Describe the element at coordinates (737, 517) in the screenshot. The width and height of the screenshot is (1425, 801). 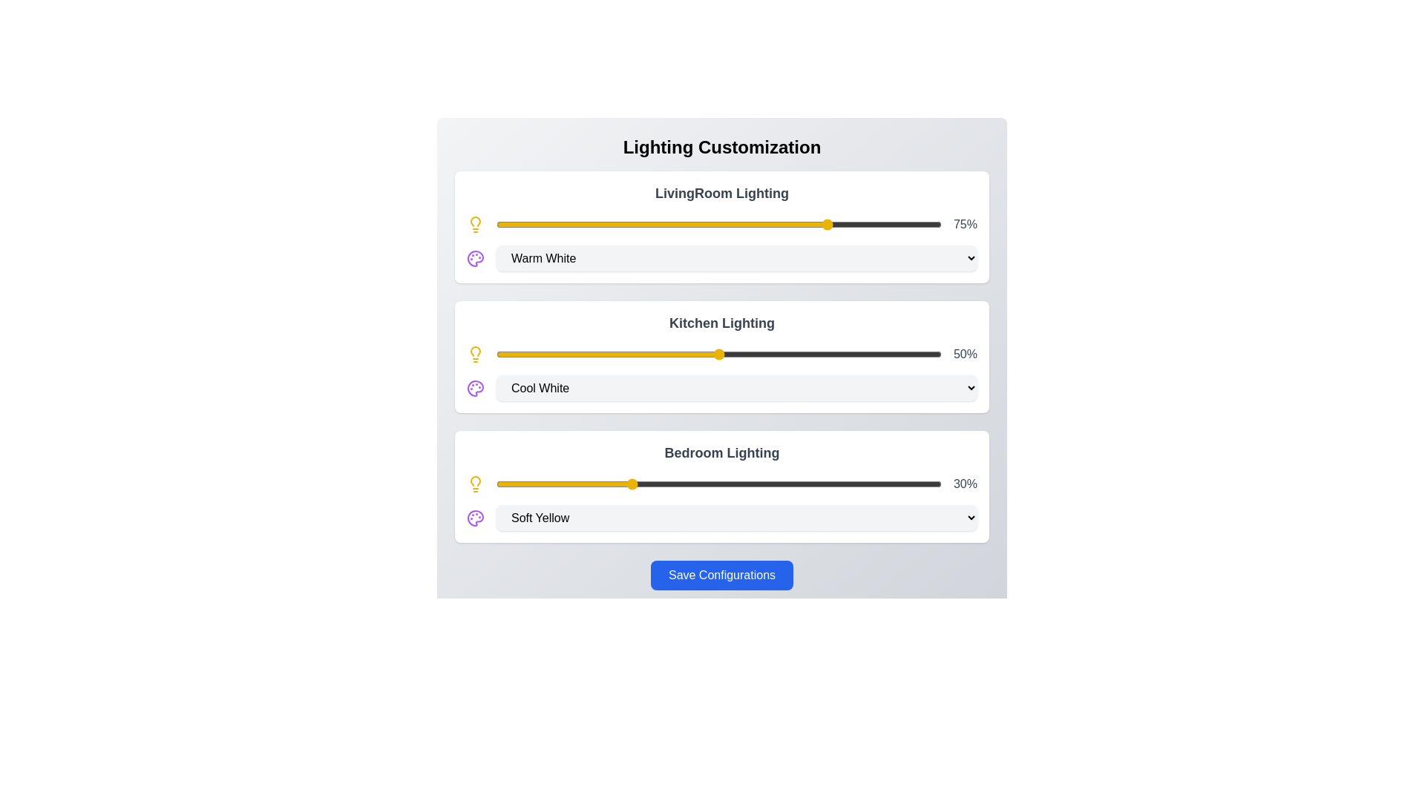
I see `the color Cool White from the dropdown menu of the bedroom lighting` at that location.